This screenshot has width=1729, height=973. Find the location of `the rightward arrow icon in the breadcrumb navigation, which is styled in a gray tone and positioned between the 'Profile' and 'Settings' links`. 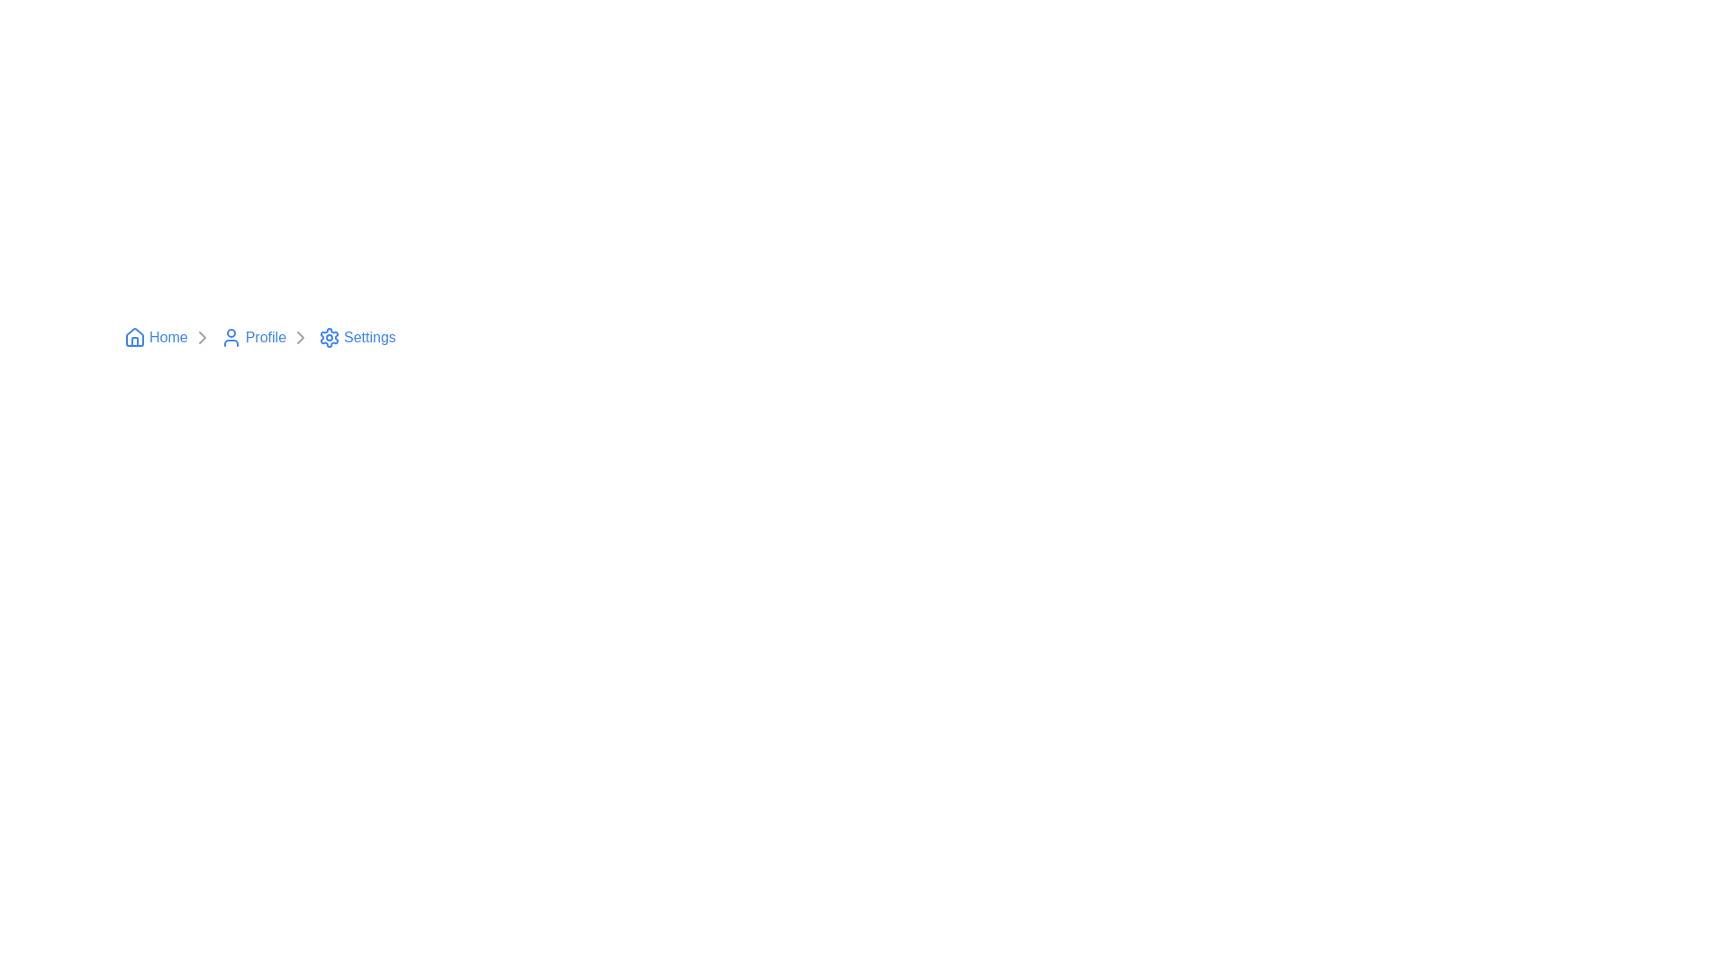

the rightward arrow icon in the breadcrumb navigation, which is styled in a gray tone and positioned between the 'Profile' and 'Settings' links is located at coordinates (202, 337).